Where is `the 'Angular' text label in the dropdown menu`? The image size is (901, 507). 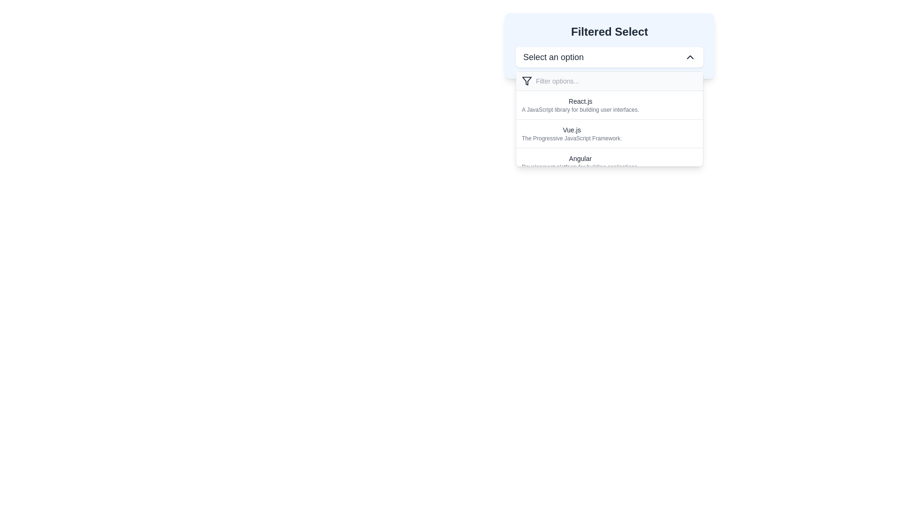
the 'Angular' text label in the dropdown menu is located at coordinates (580, 158).